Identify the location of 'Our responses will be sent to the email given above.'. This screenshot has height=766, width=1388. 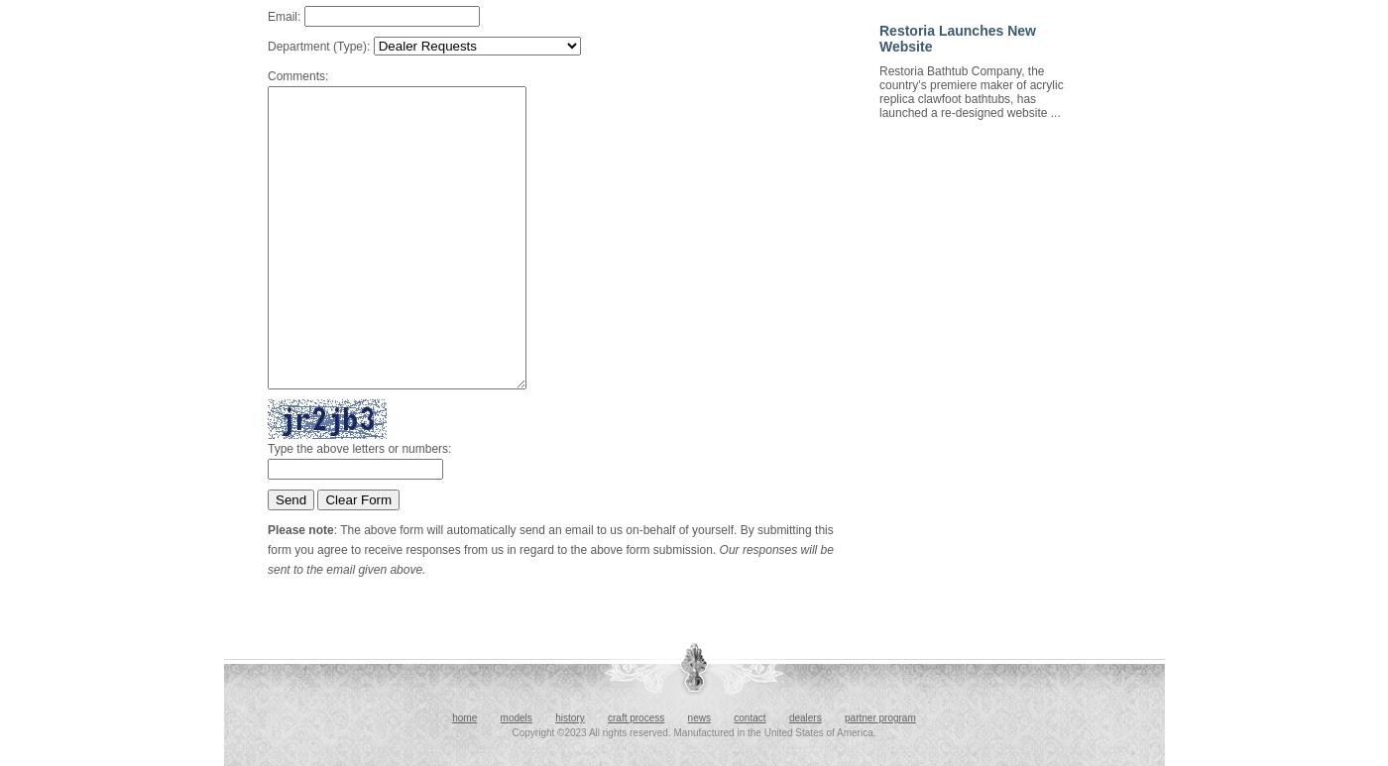
(549, 559).